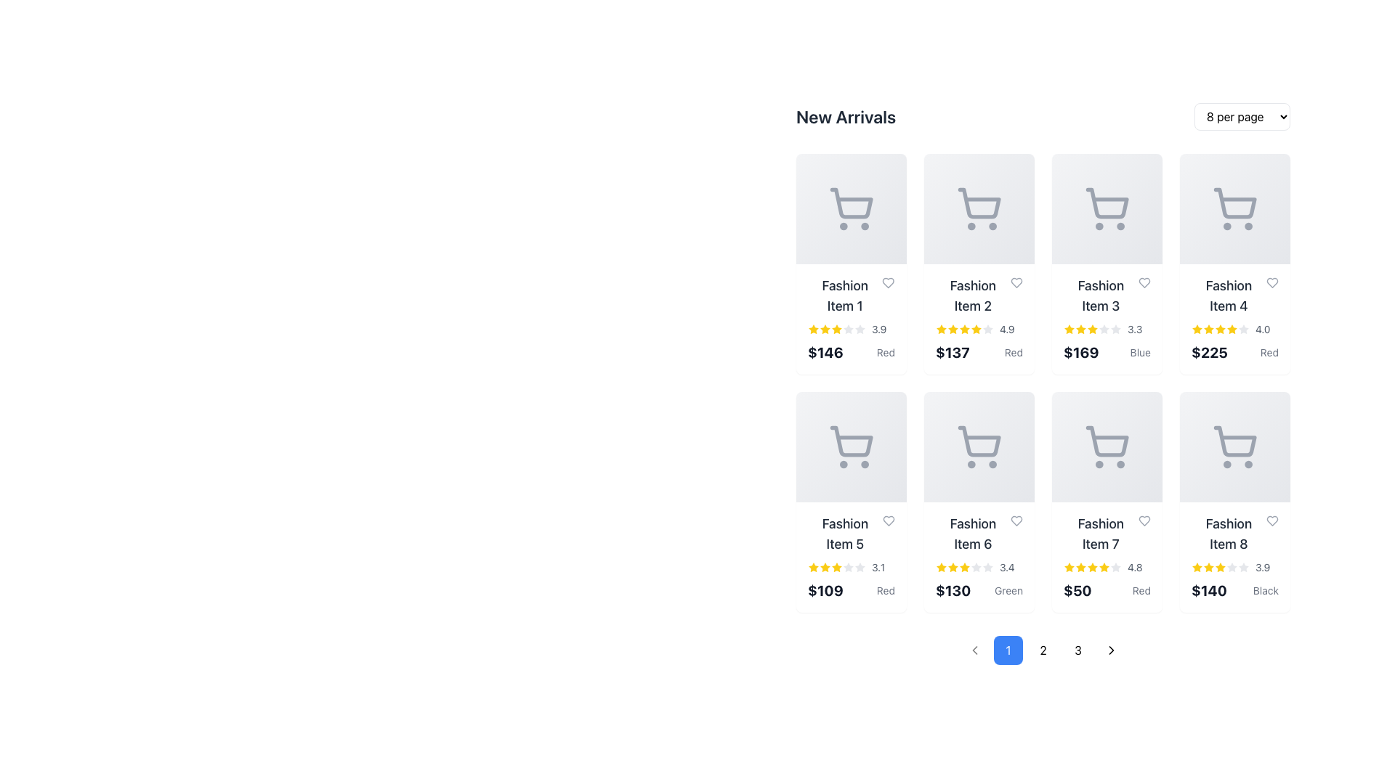  What do you see at coordinates (1231, 330) in the screenshot?
I see `the fifth star icon in the rating indicator for the product labeled 'Fashion Item 4', located in the second row of the product grid` at bounding box center [1231, 330].